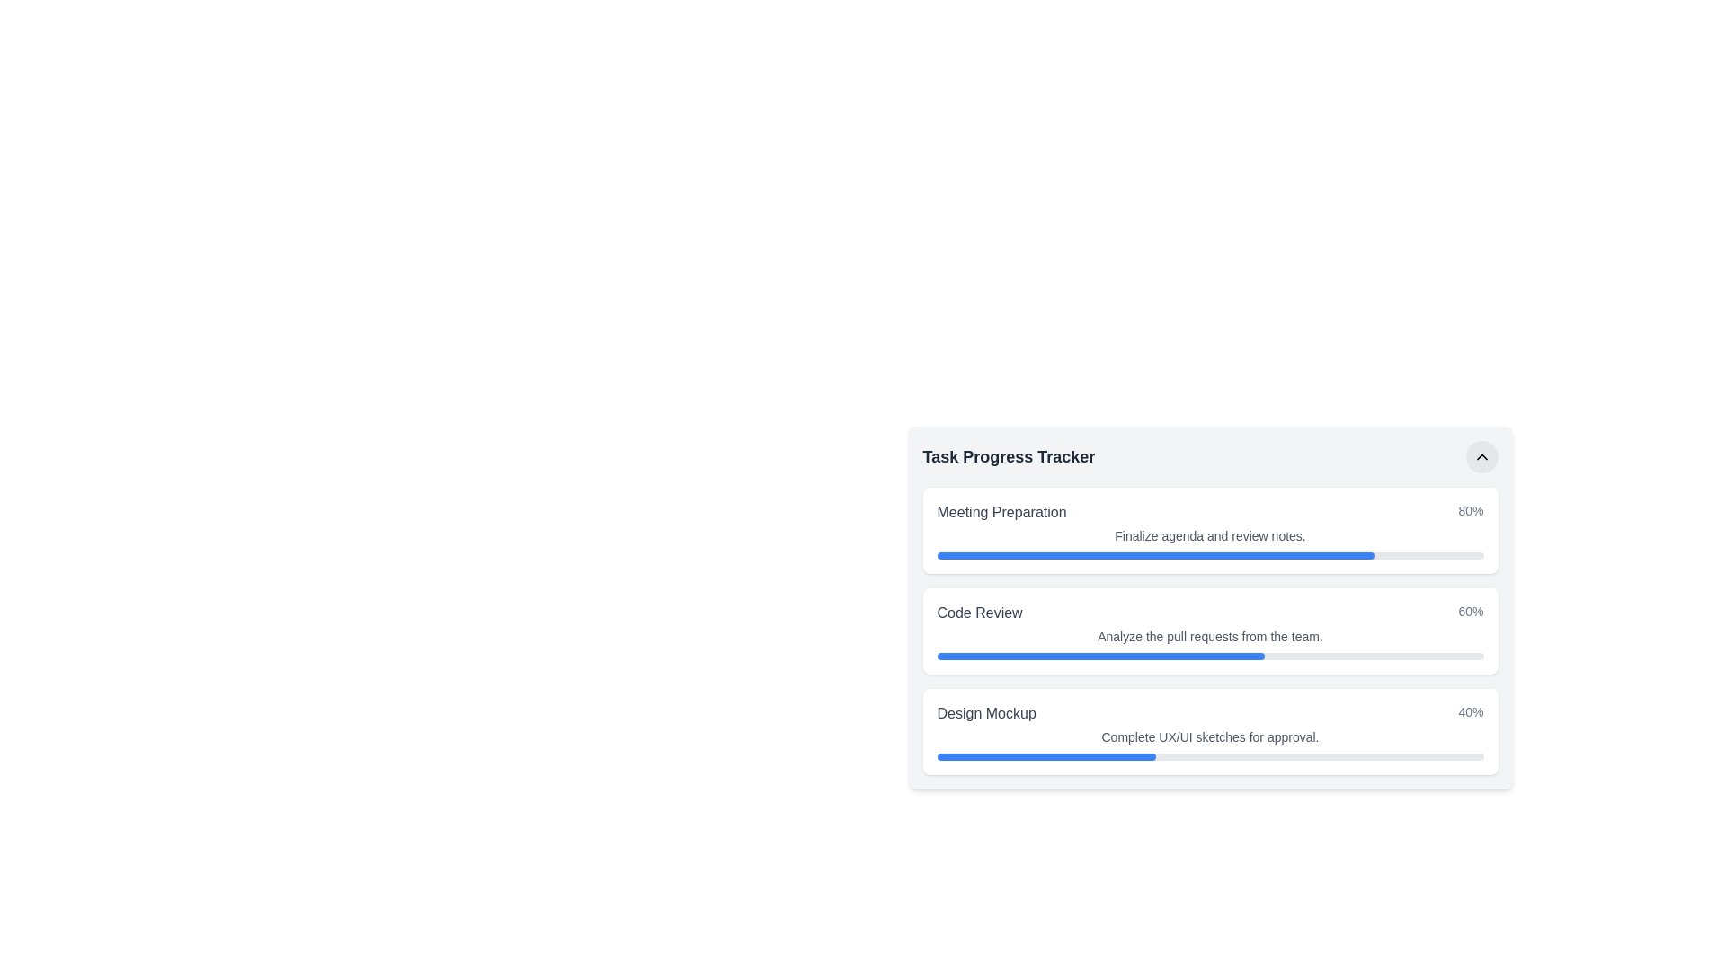  What do you see at coordinates (978, 612) in the screenshot?
I see `the static text label that serves as the title for the second task item in the 'Task Progress Tracker', which is aligned to the left of the percentage indicator ('60%')` at bounding box center [978, 612].